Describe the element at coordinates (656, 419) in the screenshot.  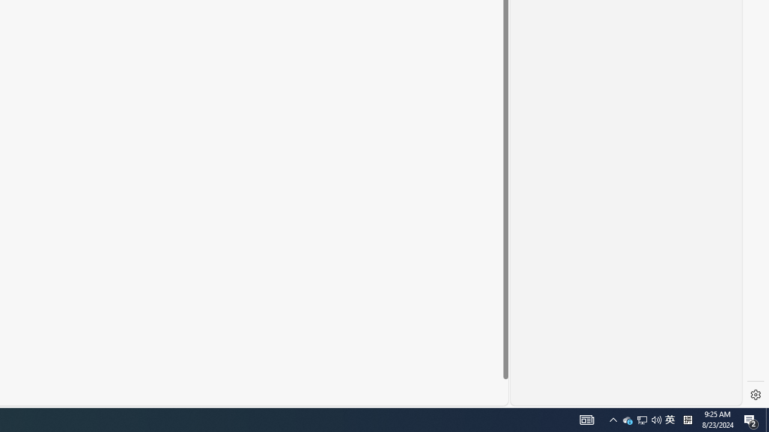
I see `'Q2790: 100%'` at that location.